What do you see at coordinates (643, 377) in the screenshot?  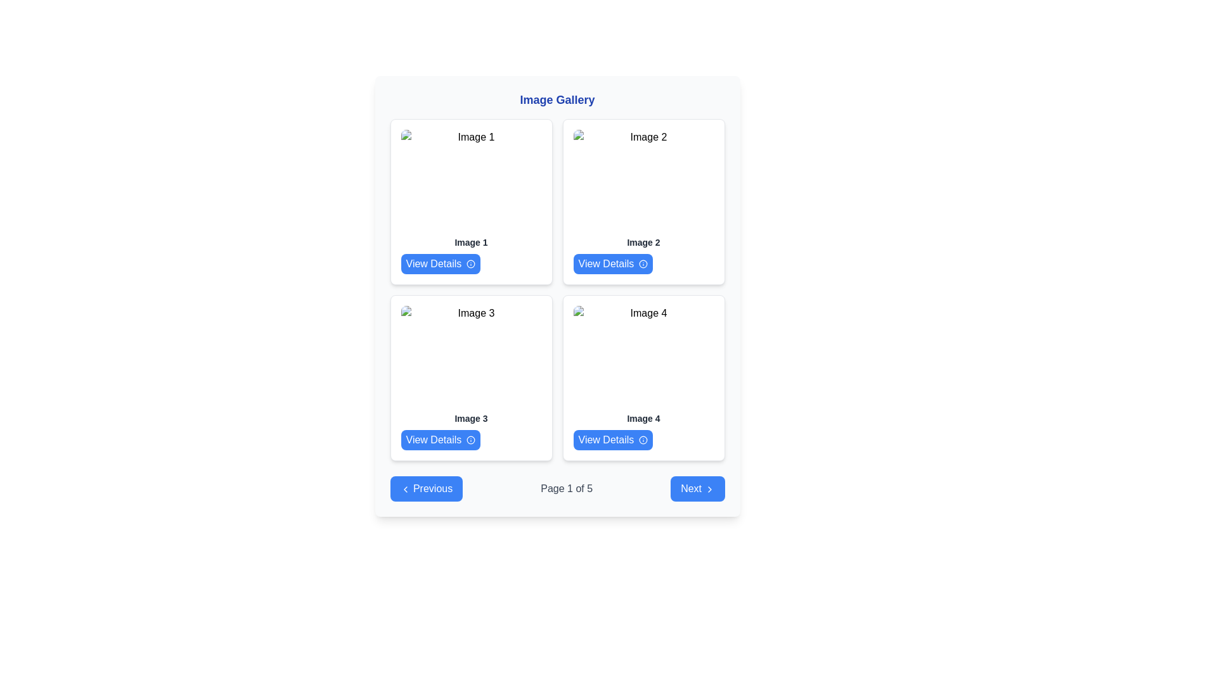 I see `the 'View Details' button on the interactive card located at the bottom-right quadrant of the grid` at bounding box center [643, 377].